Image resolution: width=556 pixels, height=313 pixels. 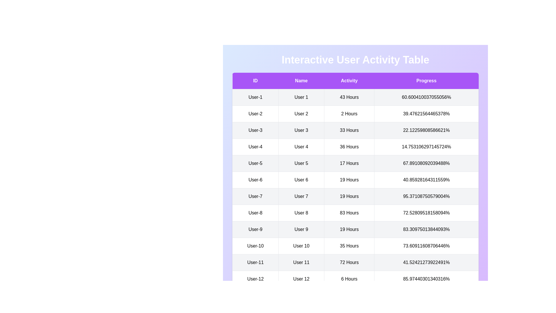 I want to click on the header labeled 'Progress' to sort the respective column, so click(x=426, y=81).